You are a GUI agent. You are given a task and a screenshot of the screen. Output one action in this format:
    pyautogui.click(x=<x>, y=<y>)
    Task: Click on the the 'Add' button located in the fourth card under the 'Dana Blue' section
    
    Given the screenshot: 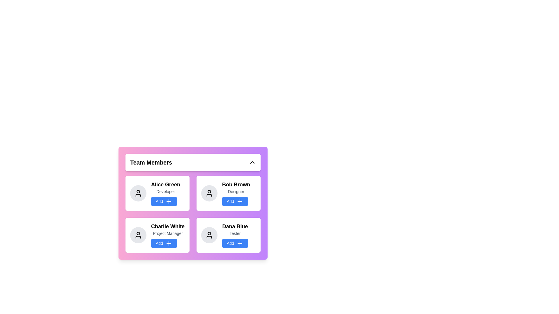 What is the action you would take?
    pyautogui.click(x=235, y=243)
    